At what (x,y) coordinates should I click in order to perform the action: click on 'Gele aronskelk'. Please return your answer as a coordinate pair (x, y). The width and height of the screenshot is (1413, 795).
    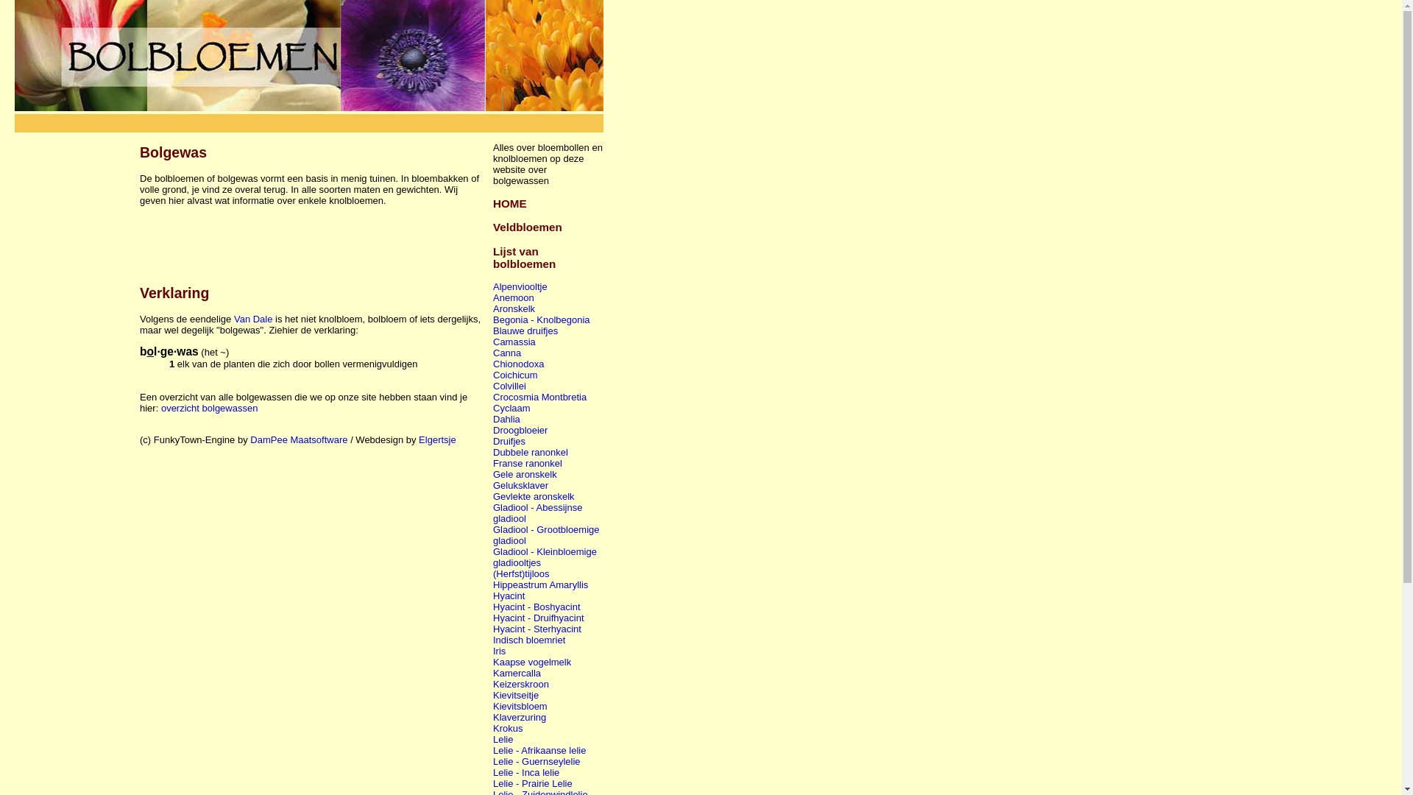
    Looking at the image, I should click on (525, 474).